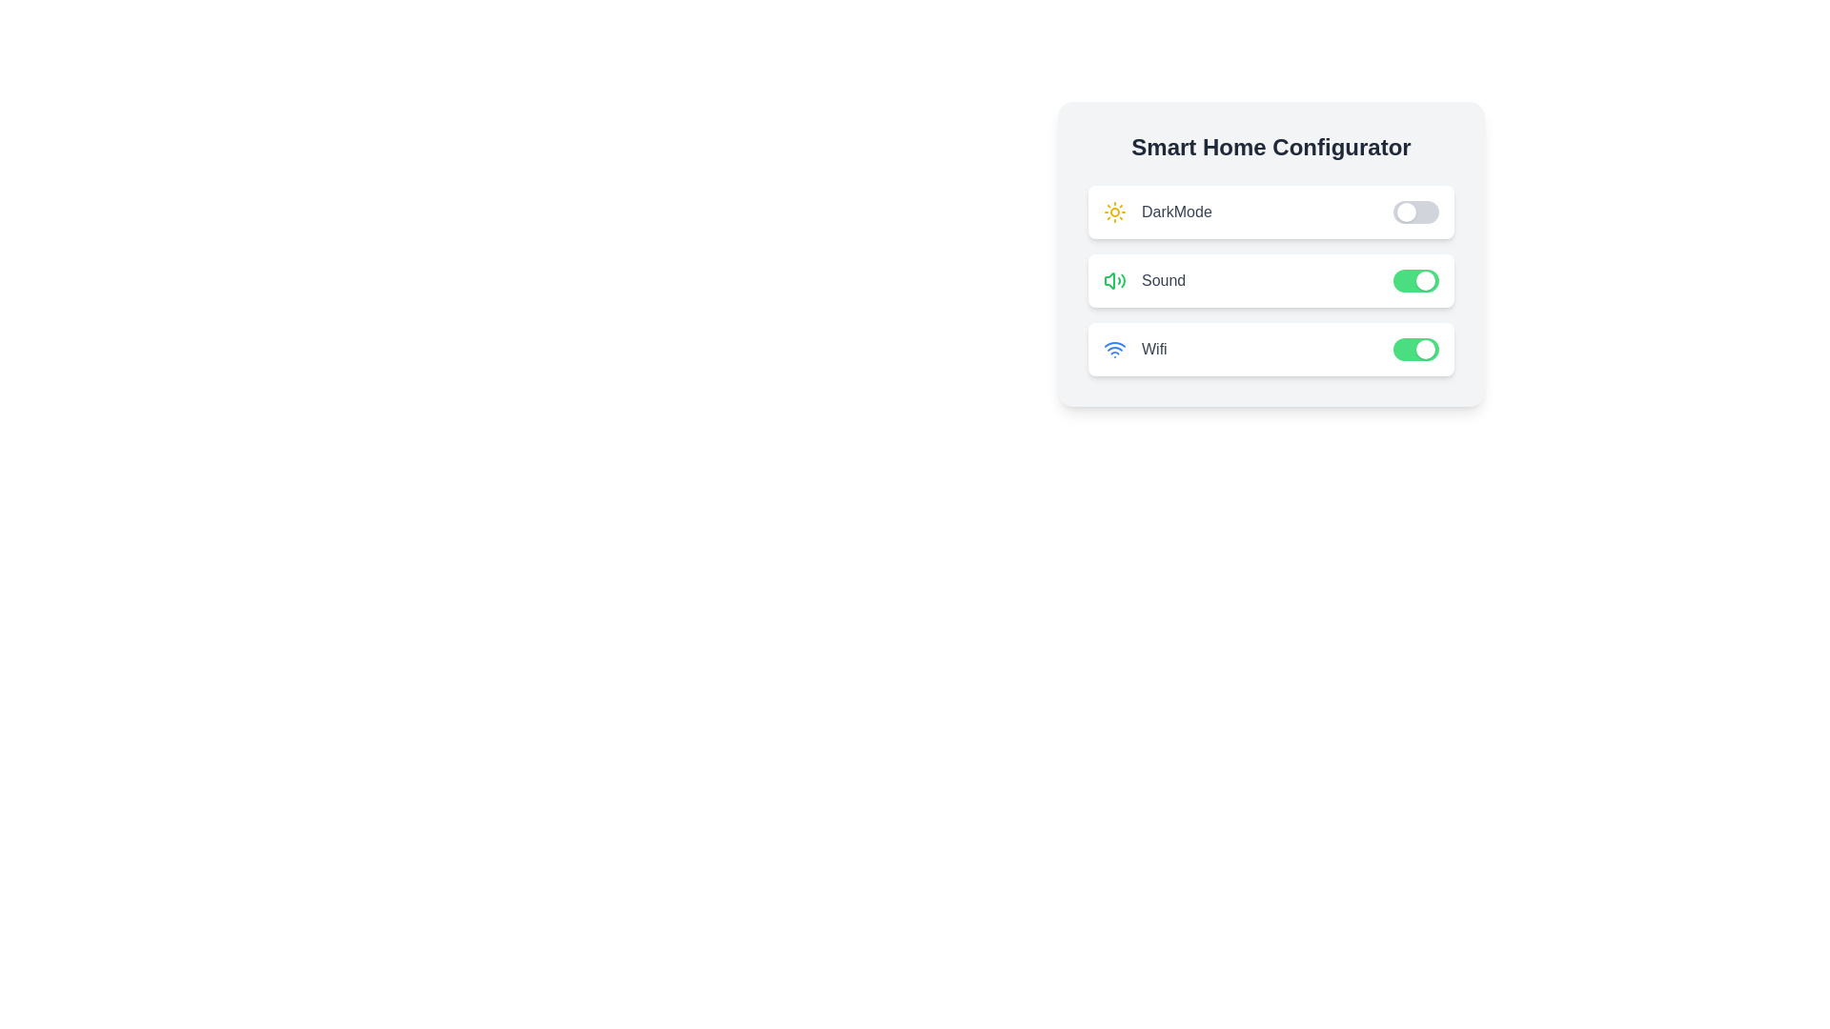 The image size is (1830, 1029). I want to click on the 'darkMode' label element, which is styled with medium font weight, gray color, and is situated in the first row of a vertical list within a Smart Home Configurator card interface, adjacent to a sun icon and a toggle switch, so click(1175, 212).